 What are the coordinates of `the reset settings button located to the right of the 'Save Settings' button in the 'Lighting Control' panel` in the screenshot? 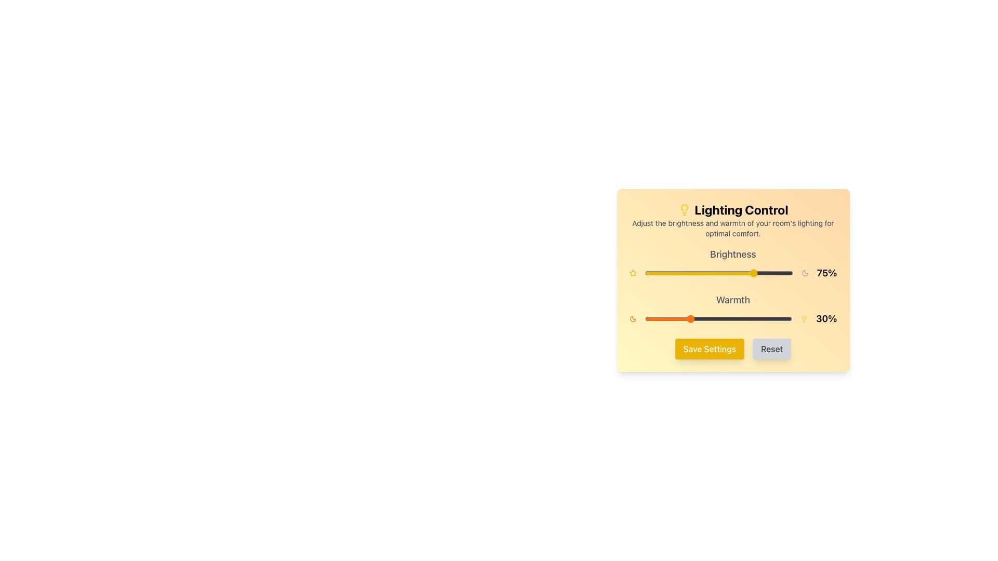 It's located at (771, 349).